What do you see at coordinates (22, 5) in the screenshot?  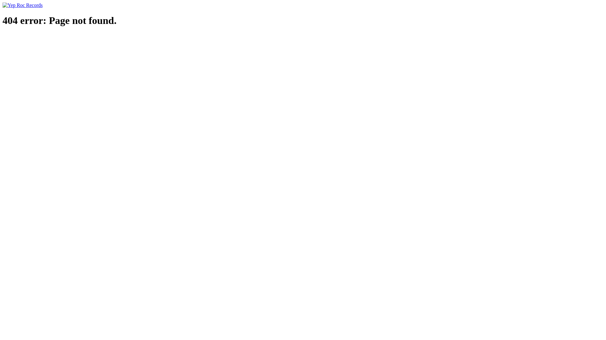 I see `'Yep Roc Records'` at bounding box center [22, 5].